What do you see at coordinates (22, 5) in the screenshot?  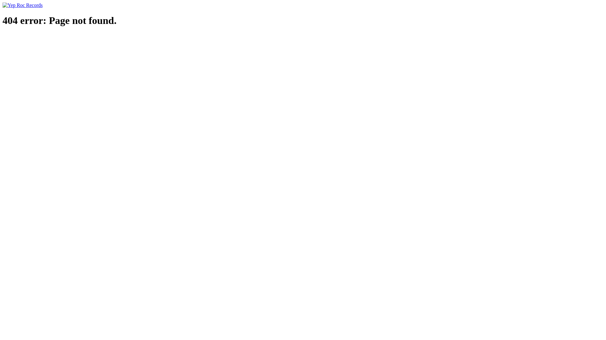 I see `'Yep Roc Records'` at bounding box center [22, 5].